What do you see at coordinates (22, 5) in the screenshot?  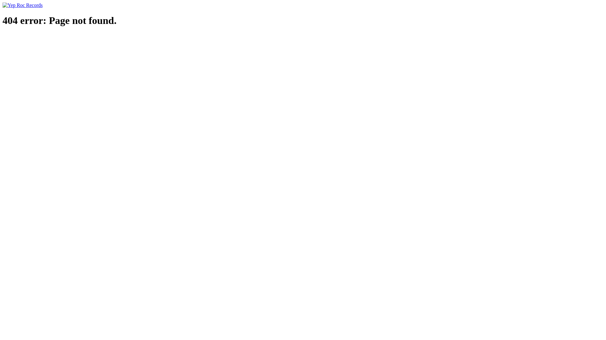 I see `'Yep Roc Records'` at bounding box center [22, 5].